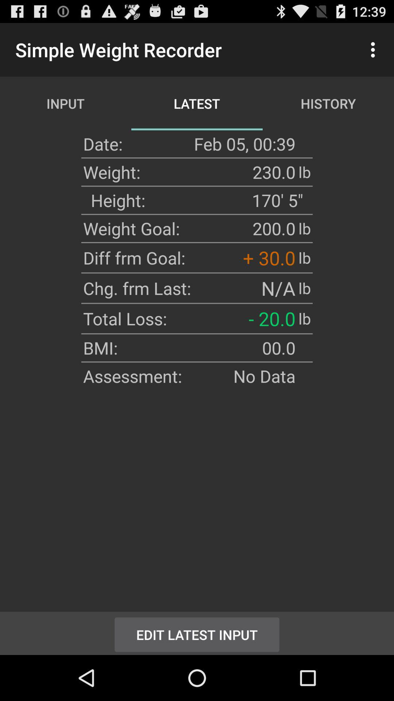  Describe the element at coordinates (375, 49) in the screenshot. I see `icon next to history app` at that location.